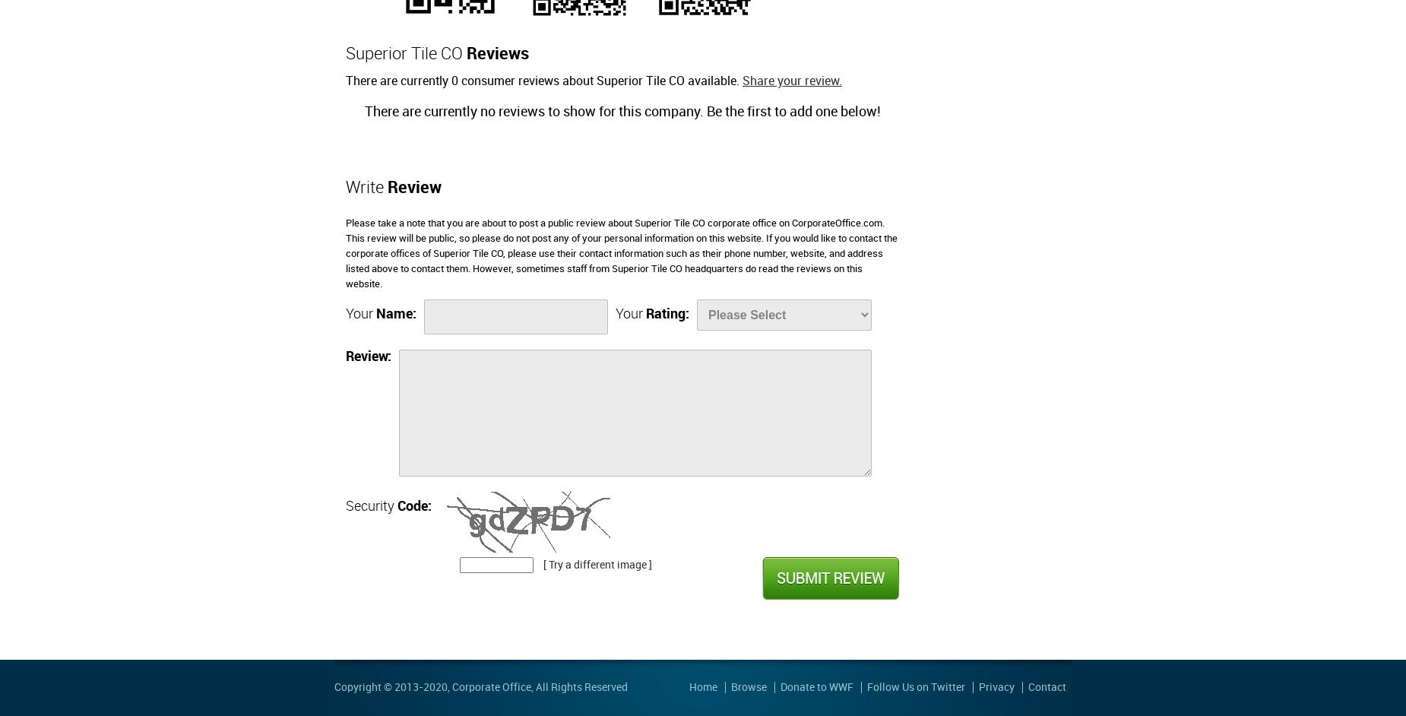  I want to click on 'Name:', so click(396, 314).